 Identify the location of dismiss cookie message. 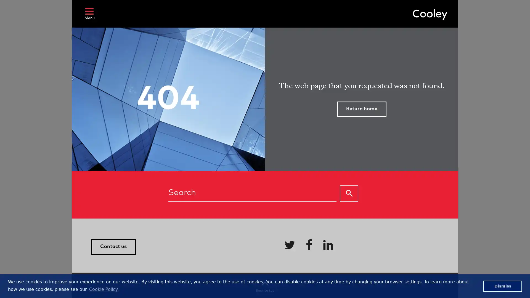
(502, 286).